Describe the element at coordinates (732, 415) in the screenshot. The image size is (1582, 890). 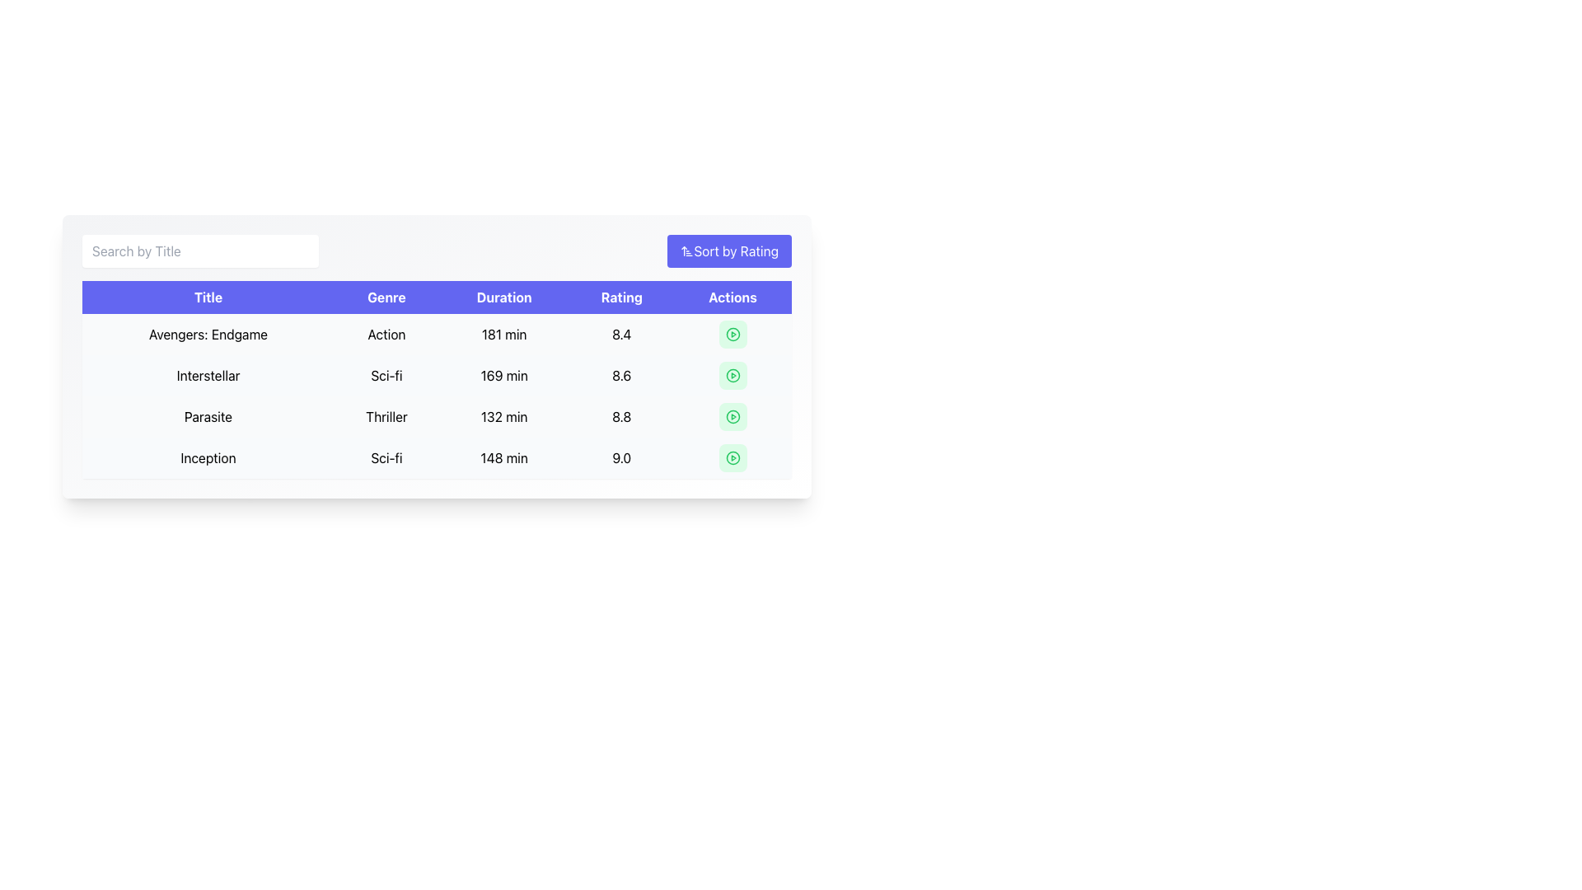
I see `the play button located in the last cell of the row for the movie 'Parasite' under the 'Actions' column to initiate the action` at that location.